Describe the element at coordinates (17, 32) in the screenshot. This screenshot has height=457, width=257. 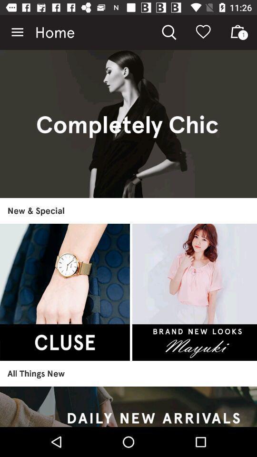
I see `icon to the left of home` at that location.